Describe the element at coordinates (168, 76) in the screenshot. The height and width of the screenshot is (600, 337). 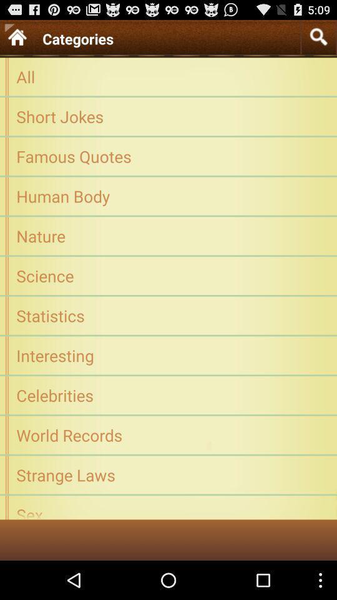
I see `app above the short jokes` at that location.